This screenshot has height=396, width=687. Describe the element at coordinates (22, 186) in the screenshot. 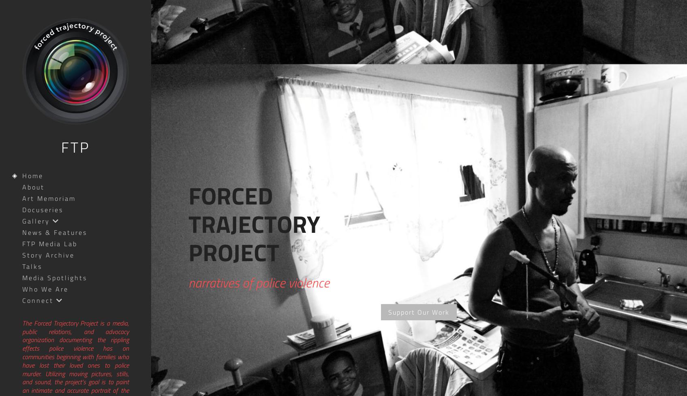

I see `'About'` at that location.